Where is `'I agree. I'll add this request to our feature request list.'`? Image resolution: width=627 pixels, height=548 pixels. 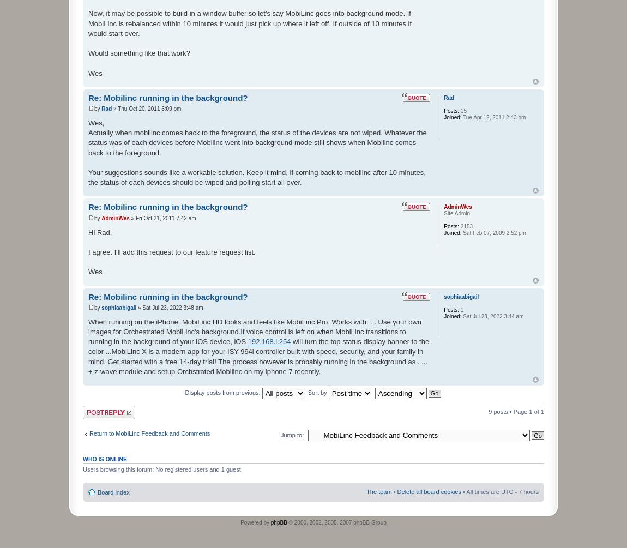
'I agree. I'll add this request to our feature request list.' is located at coordinates (171, 251).